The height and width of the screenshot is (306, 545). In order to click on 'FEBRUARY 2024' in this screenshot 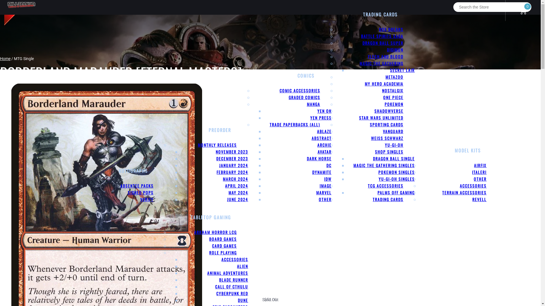, I will do `click(232, 172)`.